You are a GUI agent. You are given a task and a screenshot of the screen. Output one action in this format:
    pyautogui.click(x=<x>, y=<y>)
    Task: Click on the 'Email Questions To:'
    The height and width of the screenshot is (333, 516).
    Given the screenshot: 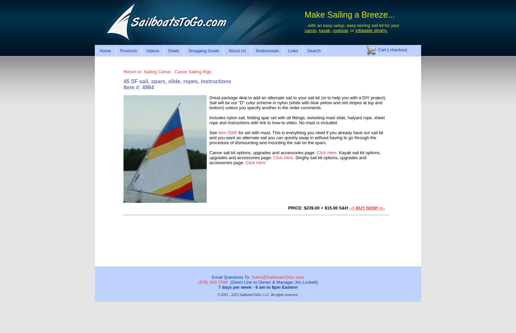 What is the action you would take?
    pyautogui.click(x=211, y=277)
    